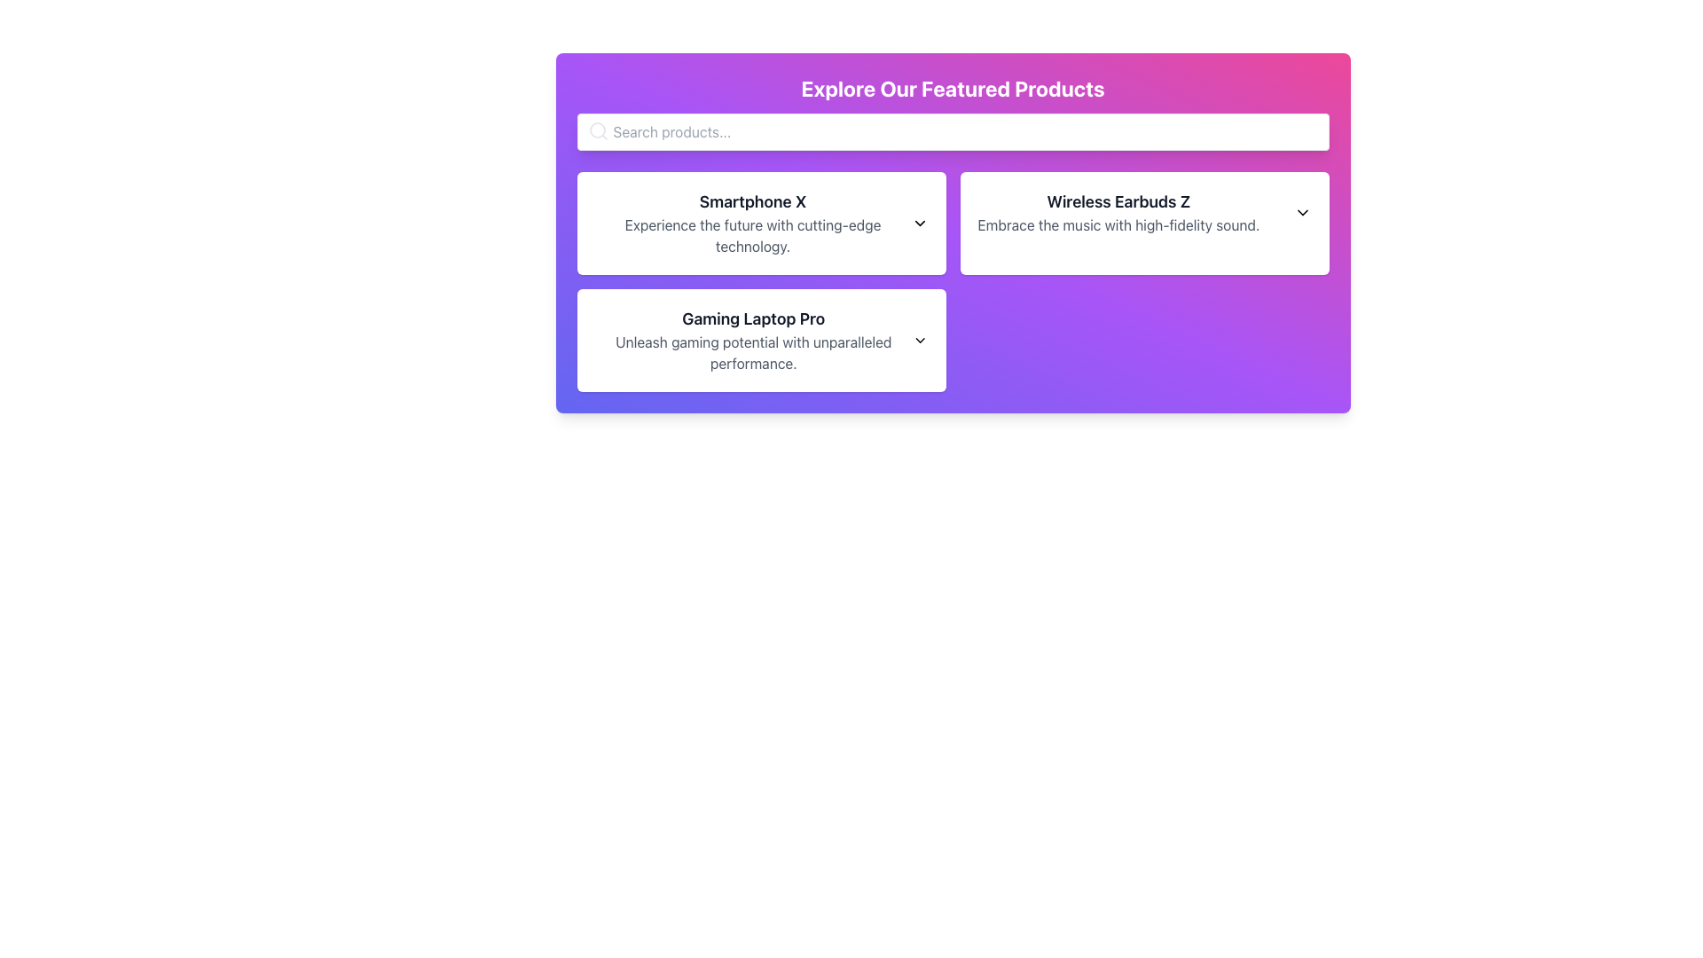 The image size is (1703, 958). What do you see at coordinates (753, 341) in the screenshot?
I see `the 'Gaming Laptop Pro' text block which features bold text and is part of the purple block containing featured products, located at the center of the interface` at bounding box center [753, 341].